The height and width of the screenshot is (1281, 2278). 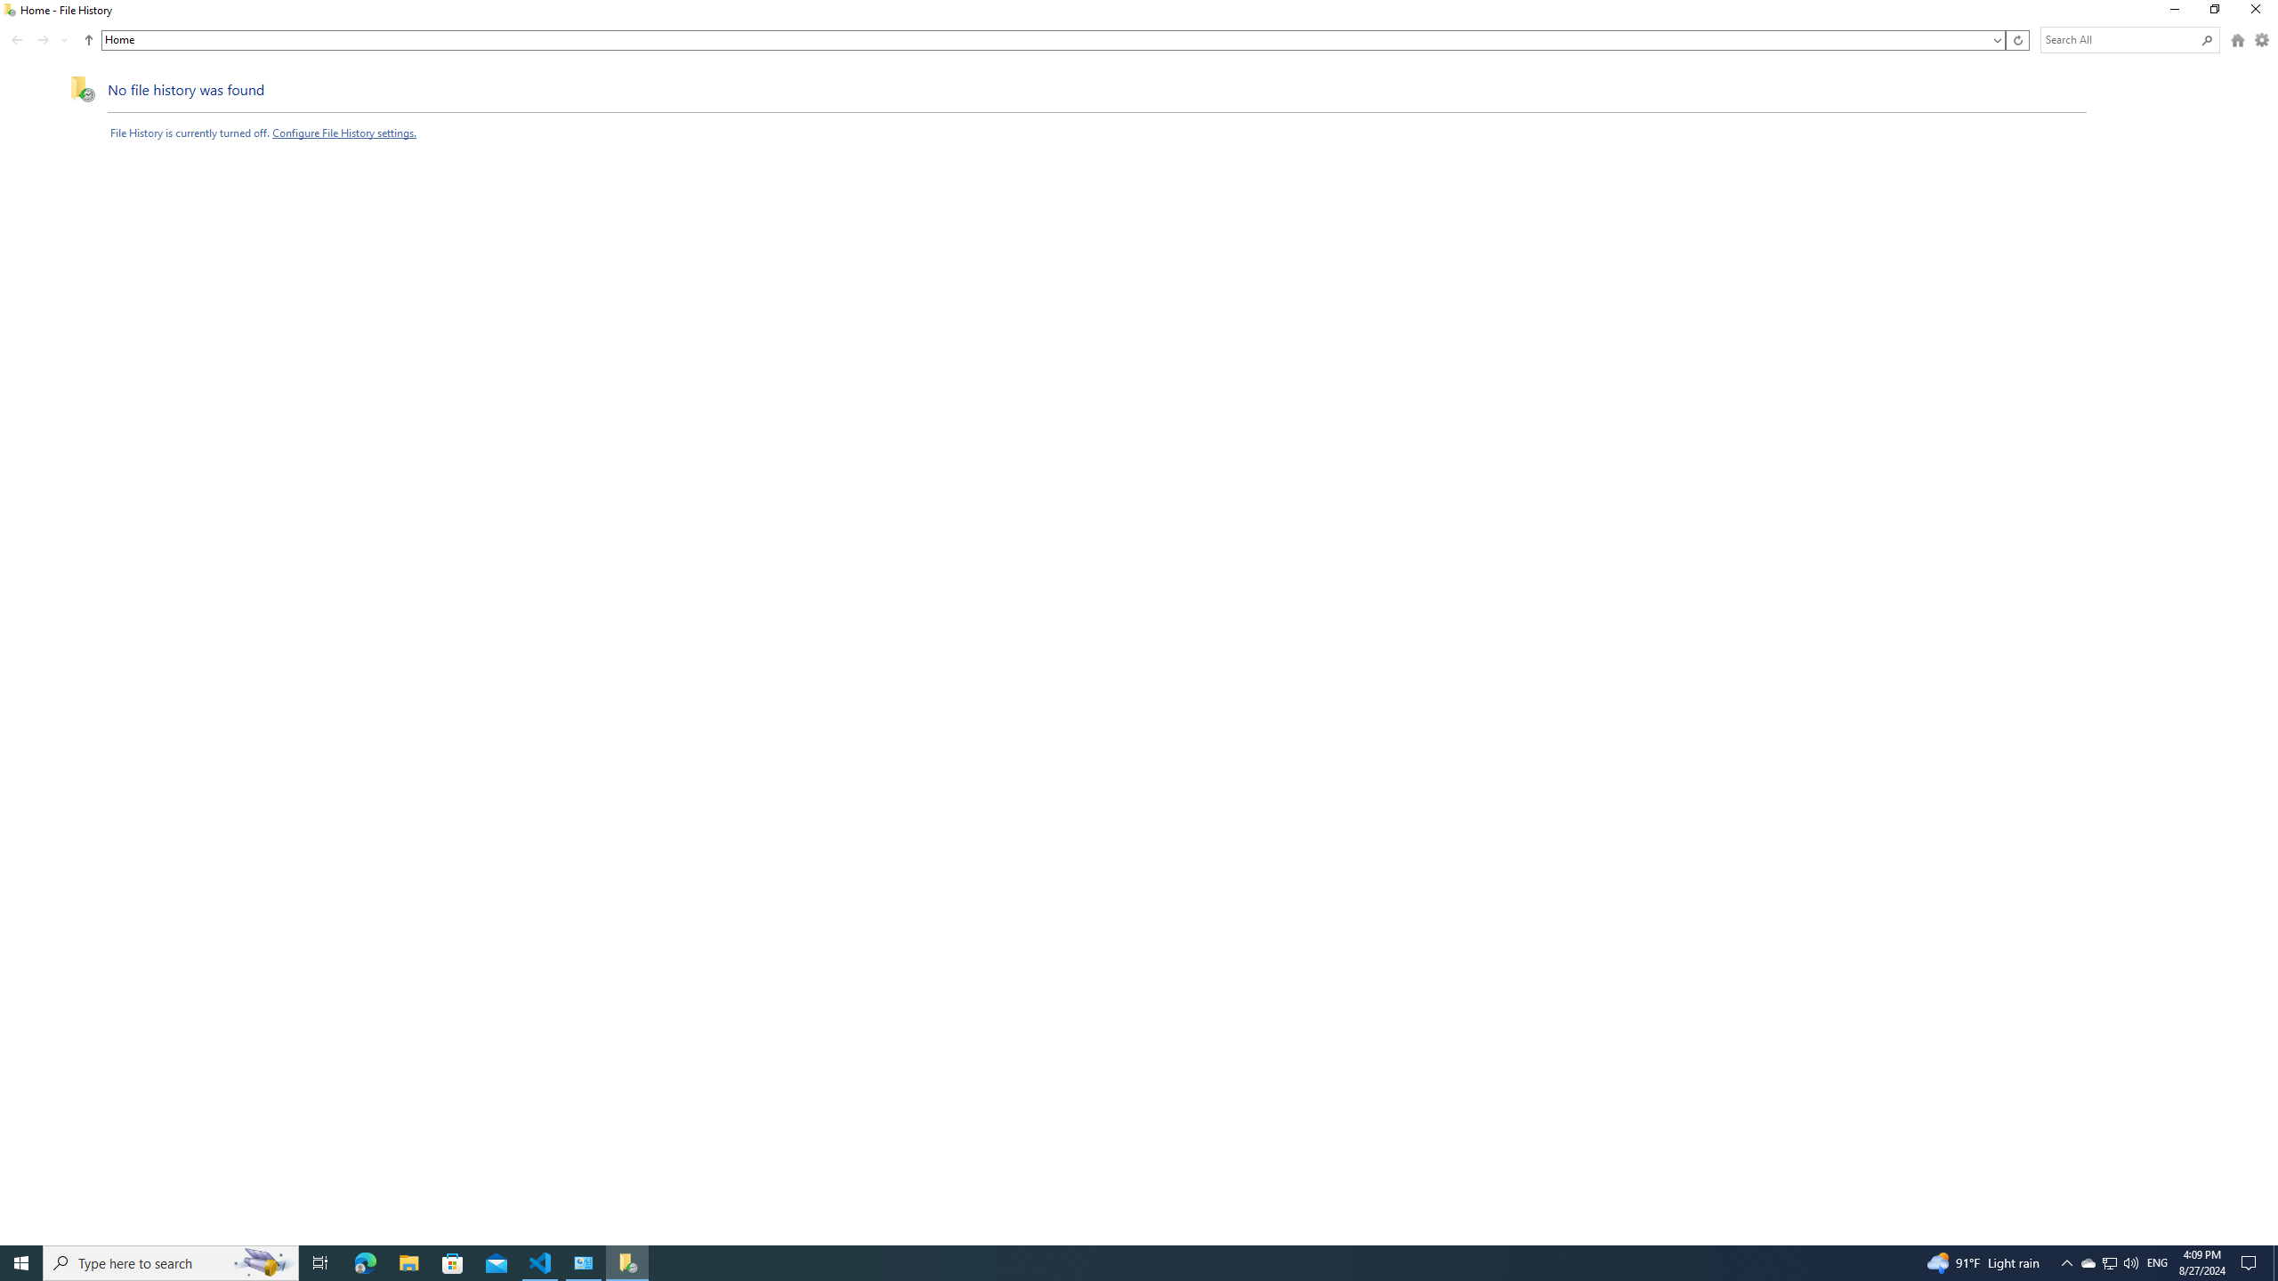 I want to click on 'Options (Alt + O)', so click(x=2261, y=40).